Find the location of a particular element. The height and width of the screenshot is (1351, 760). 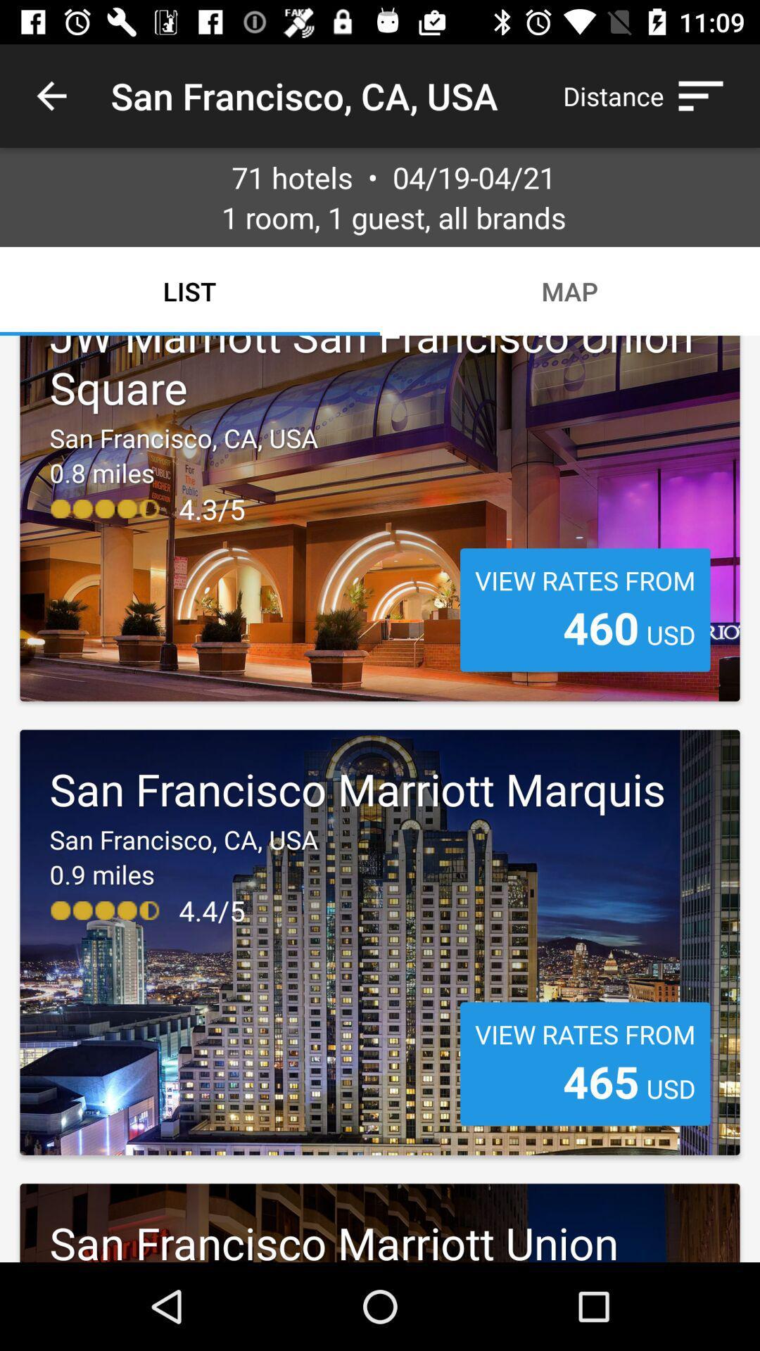

distance is located at coordinates (650, 95).